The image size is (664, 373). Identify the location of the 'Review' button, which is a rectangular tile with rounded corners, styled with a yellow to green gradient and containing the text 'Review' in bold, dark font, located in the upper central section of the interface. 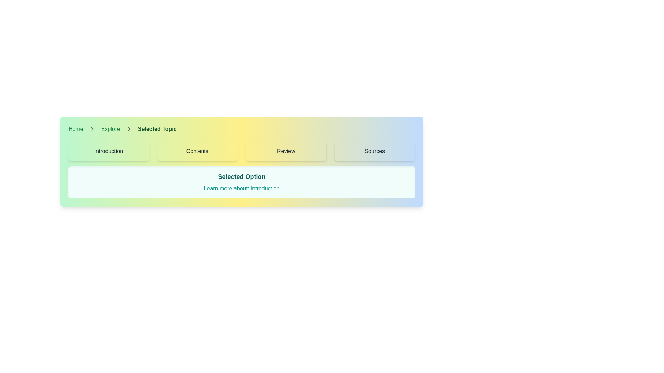
(286, 151).